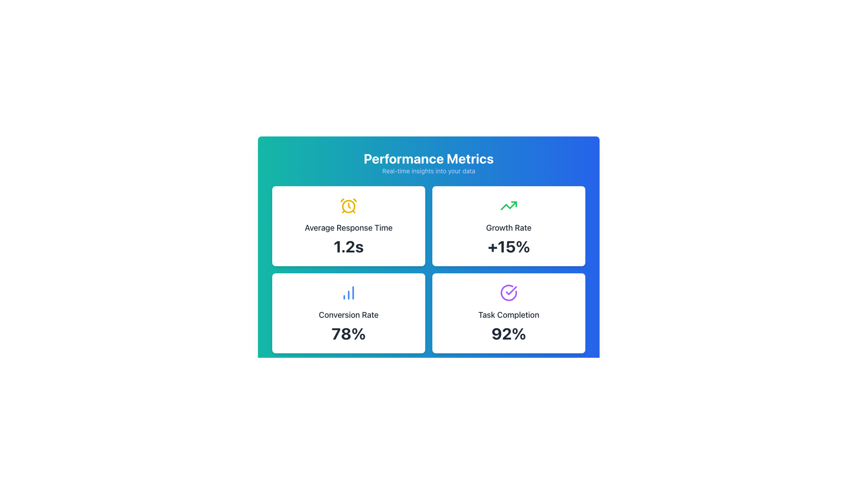 This screenshot has height=480, width=854. Describe the element at coordinates (348, 313) in the screenshot. I see `metrics displayed on the Information Display Card located in the bottom-left cell of a 2x2 grid structure, which shows the conversion rate as a percentage` at that location.